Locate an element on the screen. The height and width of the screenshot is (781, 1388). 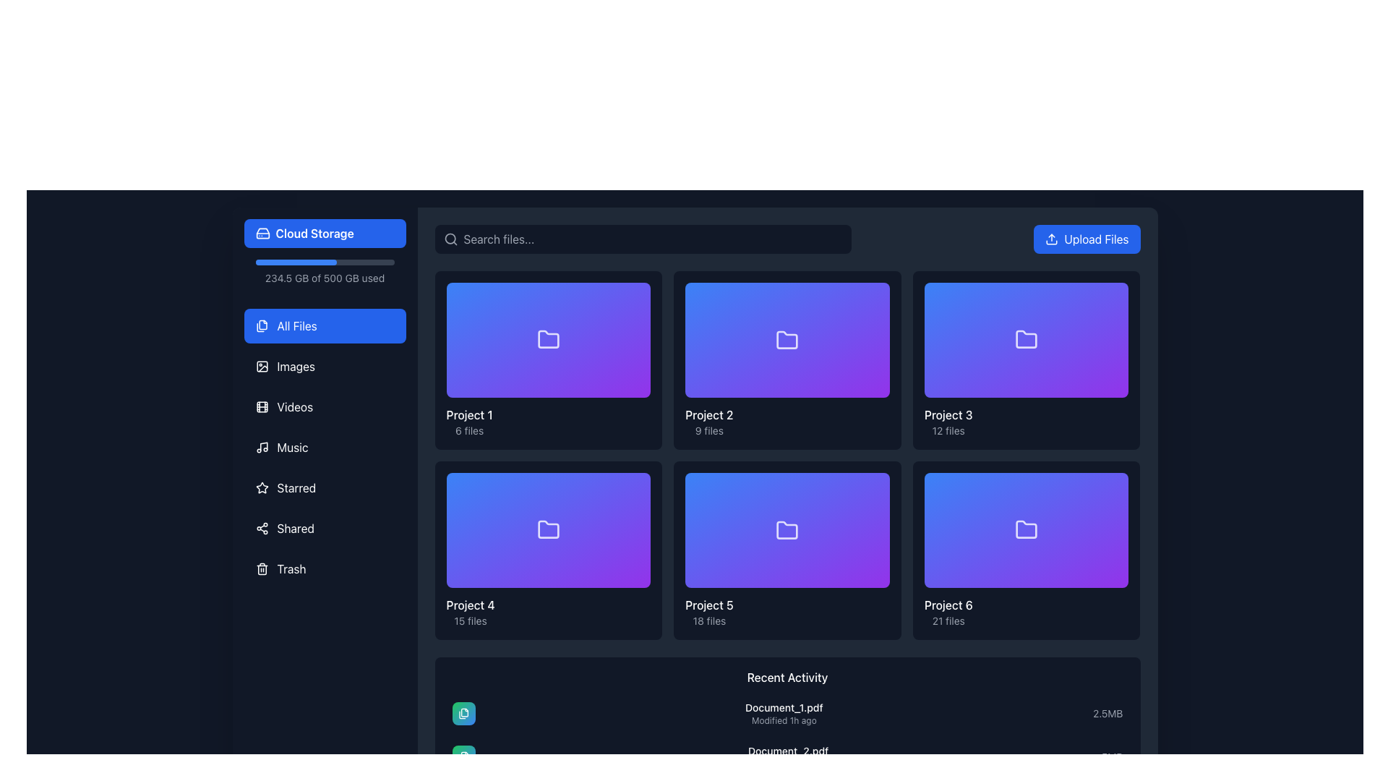
the context menu of the small hard drive icon is located at coordinates (262, 233).